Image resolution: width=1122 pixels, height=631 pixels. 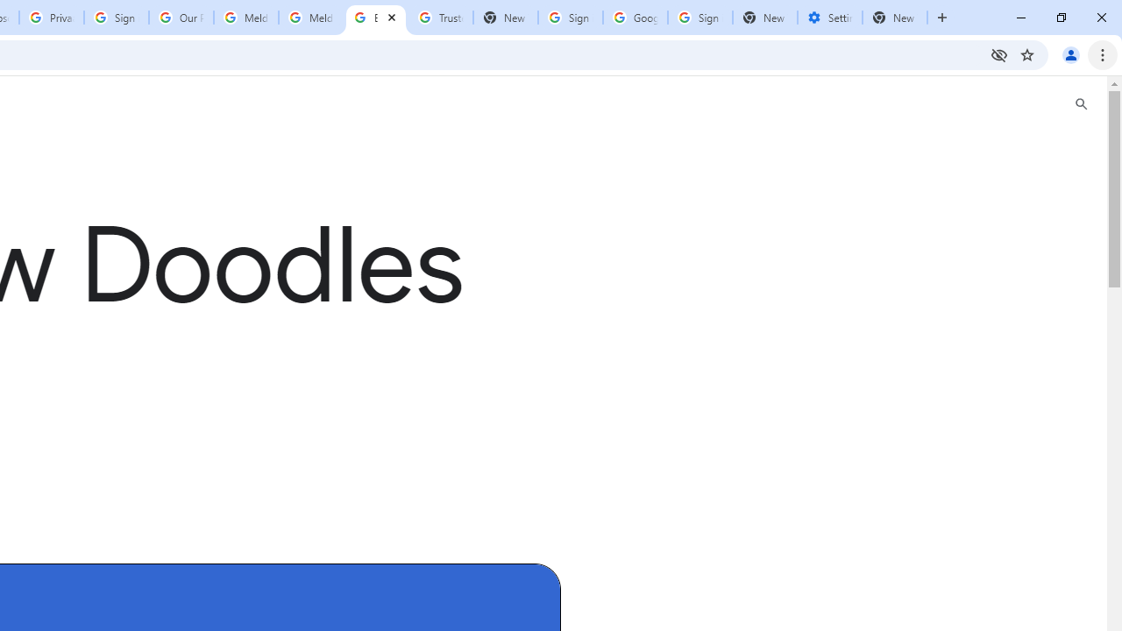 I want to click on 'Sign in - Google Accounts', so click(x=116, y=18).